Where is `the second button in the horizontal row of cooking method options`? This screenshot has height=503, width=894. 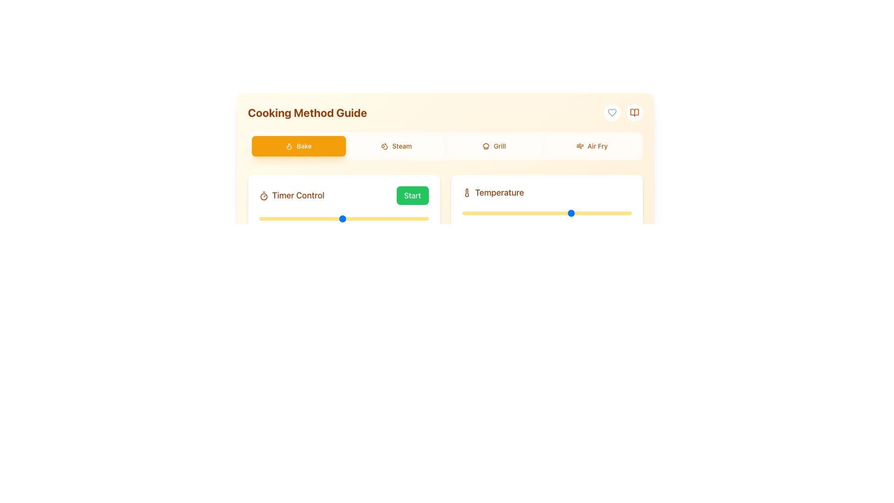
the second button in the horizontal row of cooking method options is located at coordinates (396, 146).